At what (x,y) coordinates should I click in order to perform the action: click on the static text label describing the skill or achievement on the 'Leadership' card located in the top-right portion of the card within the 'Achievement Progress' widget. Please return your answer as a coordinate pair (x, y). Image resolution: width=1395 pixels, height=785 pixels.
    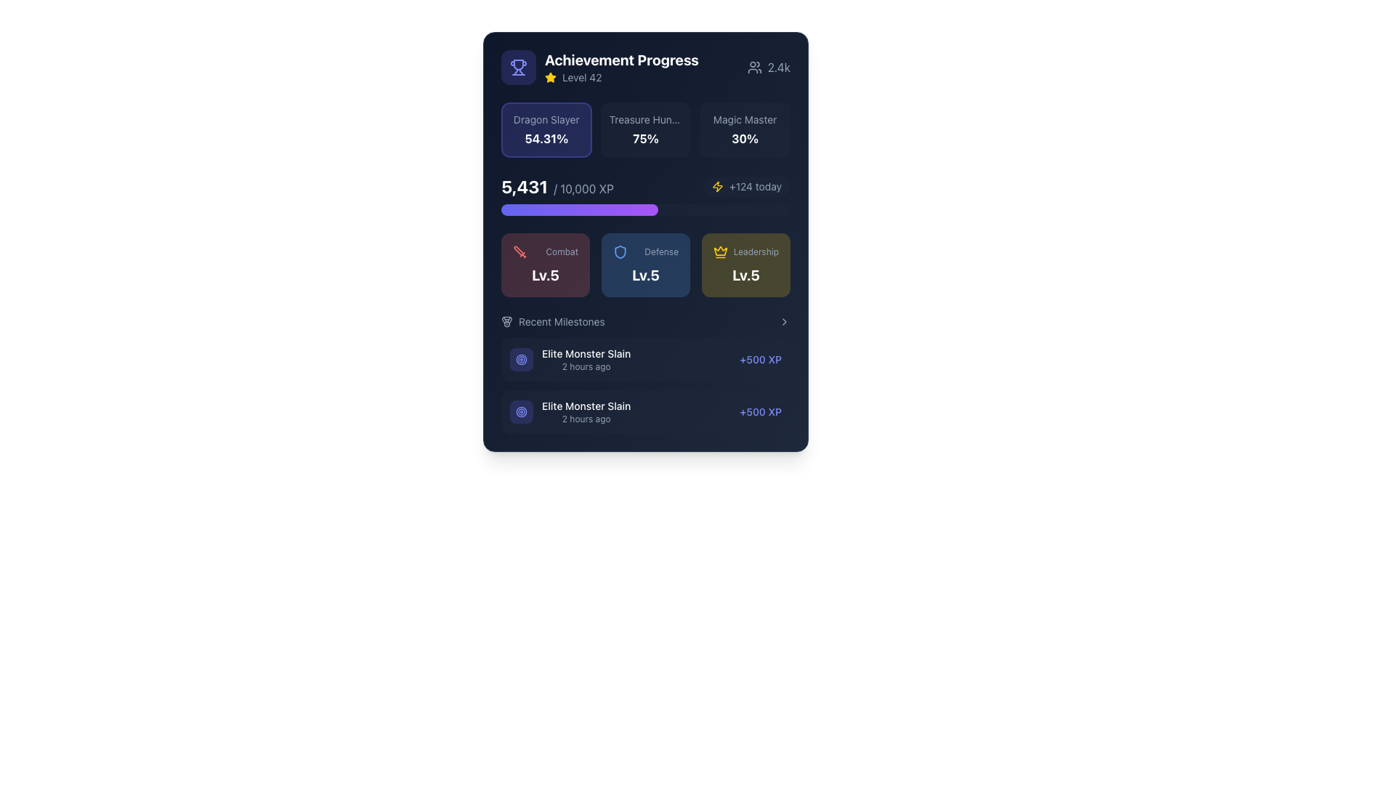
    Looking at the image, I should click on (756, 251).